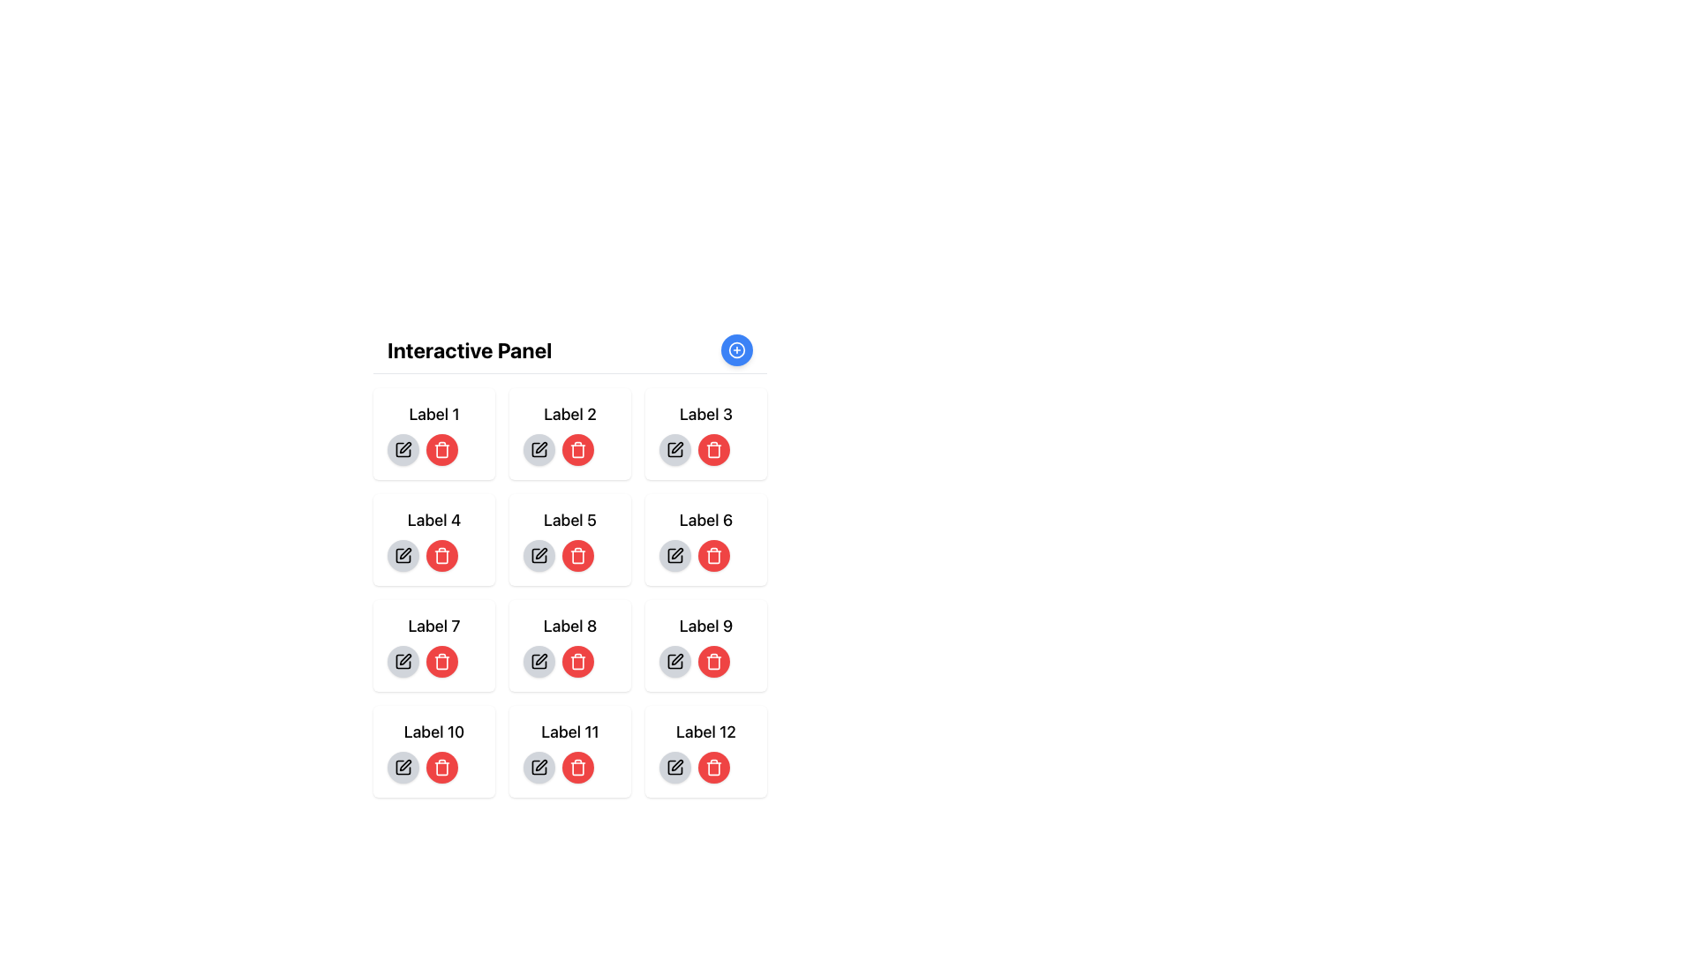 Image resolution: width=1695 pixels, height=953 pixels. Describe the element at coordinates (714, 554) in the screenshot. I see `the delete button located at the bottom right of the 'Label 6' card` at that location.